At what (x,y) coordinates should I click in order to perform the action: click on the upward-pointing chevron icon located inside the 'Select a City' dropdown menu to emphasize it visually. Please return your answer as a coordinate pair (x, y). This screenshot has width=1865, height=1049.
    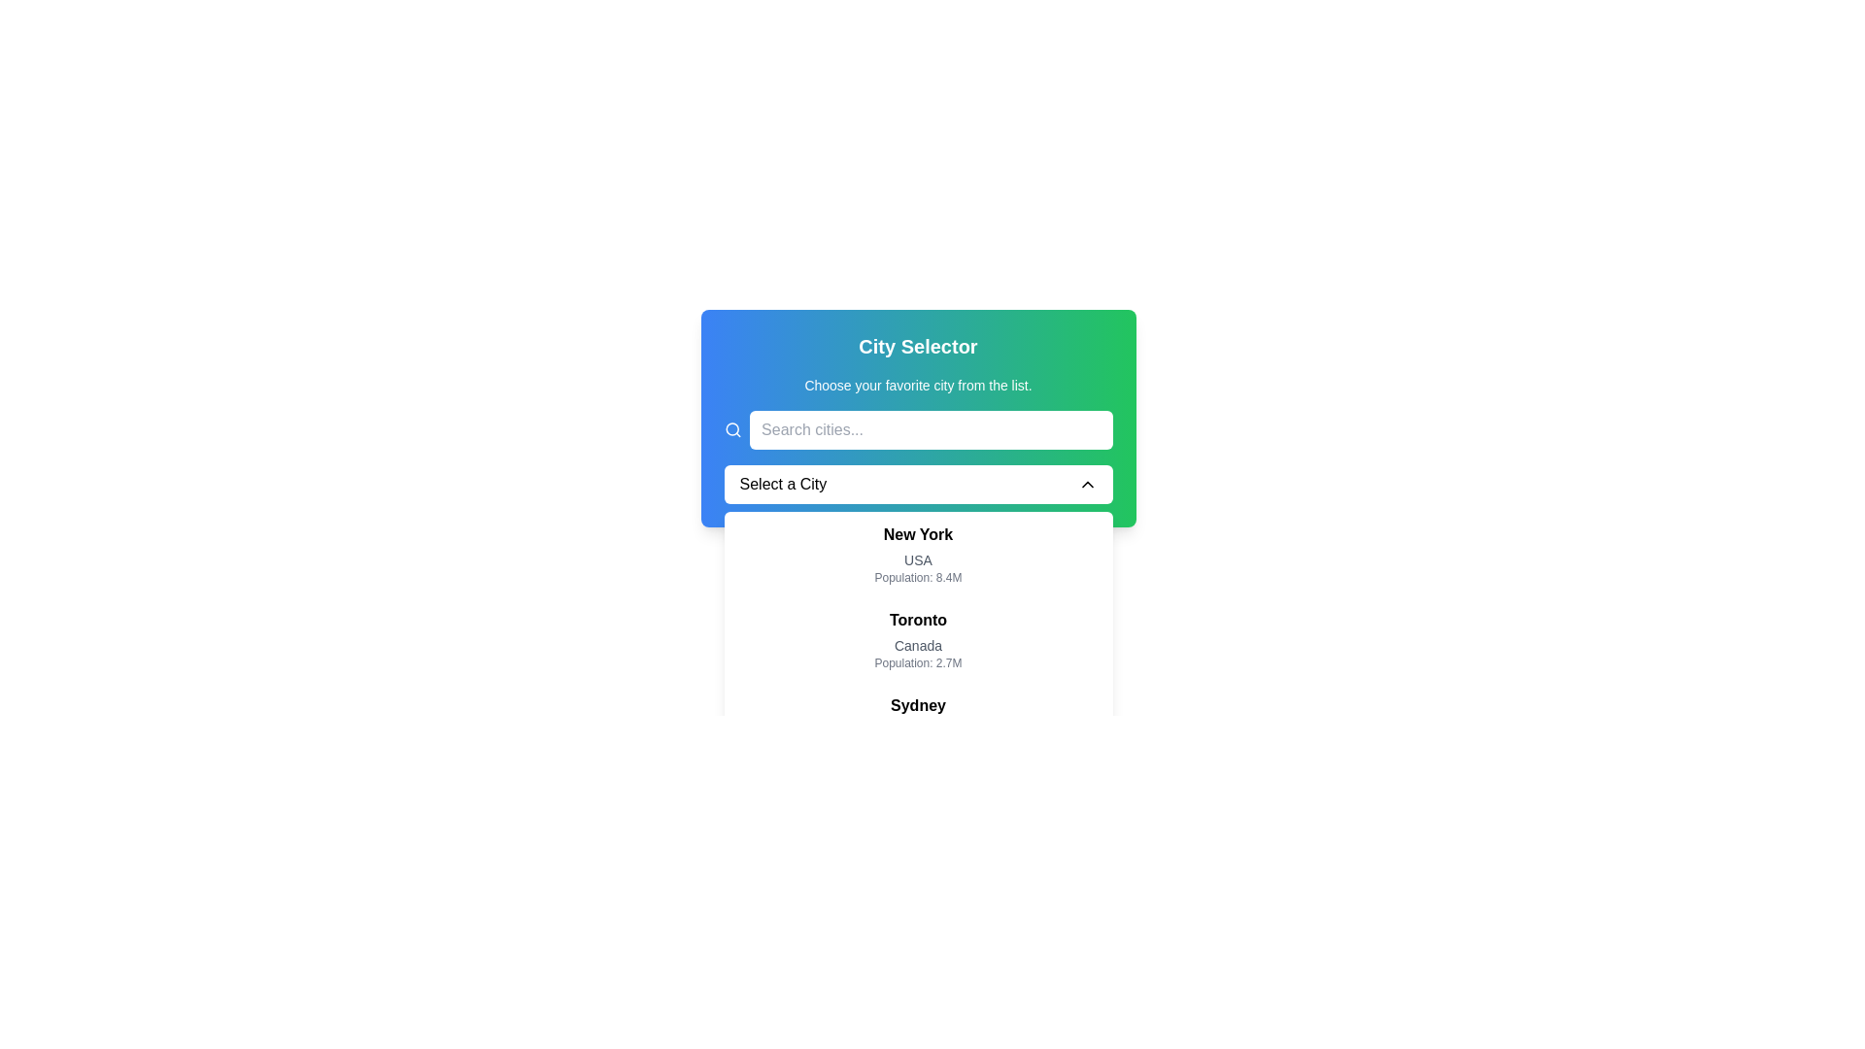
    Looking at the image, I should click on (1086, 483).